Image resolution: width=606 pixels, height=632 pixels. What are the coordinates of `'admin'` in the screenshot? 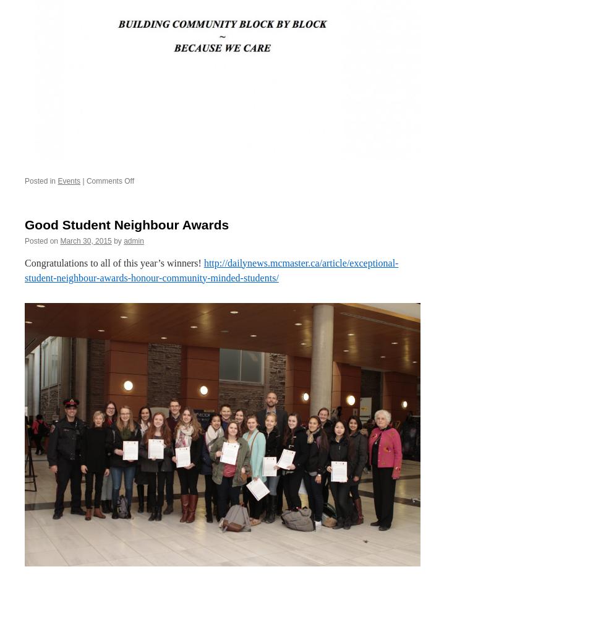 It's located at (133, 239).